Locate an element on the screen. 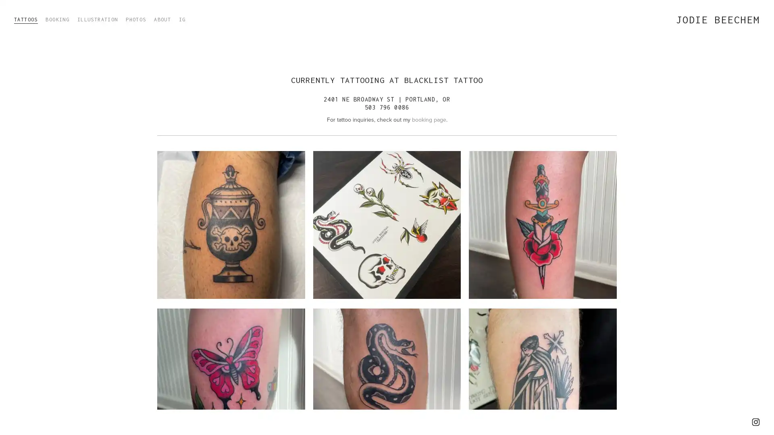 This screenshot has height=435, width=774. View fullsize is located at coordinates (230, 225).